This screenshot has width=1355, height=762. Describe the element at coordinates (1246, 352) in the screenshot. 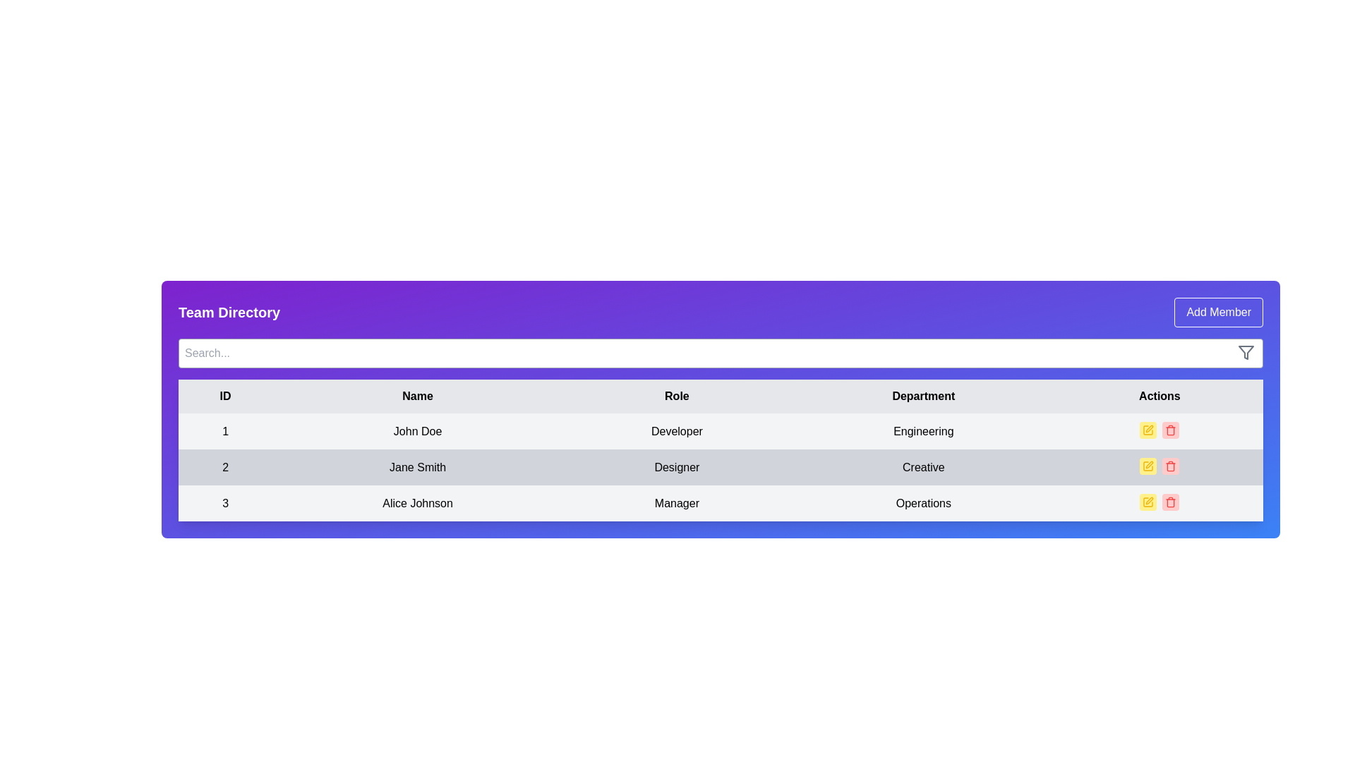

I see `the filter icon button located in the top-right corner of the search bar` at that location.